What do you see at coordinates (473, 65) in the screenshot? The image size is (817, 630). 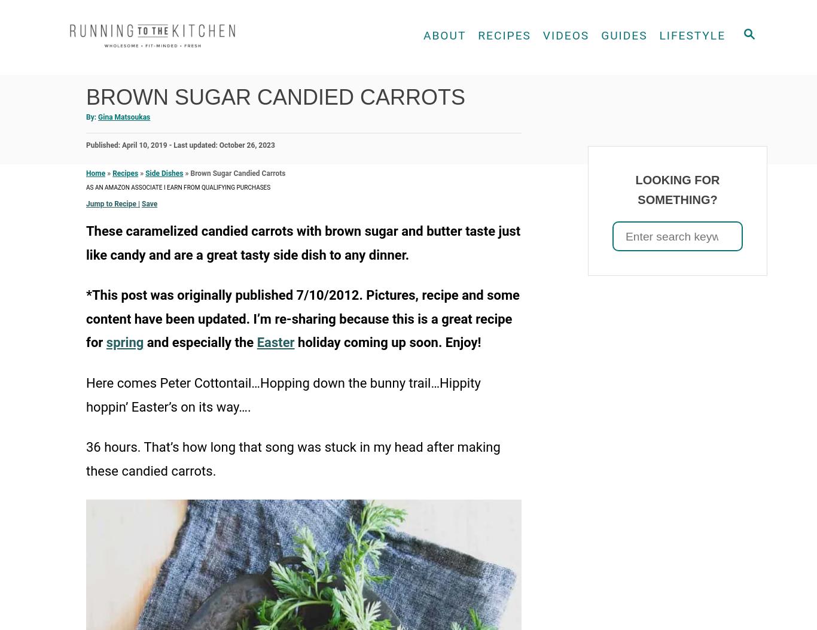 I see `'By Course'` at bounding box center [473, 65].